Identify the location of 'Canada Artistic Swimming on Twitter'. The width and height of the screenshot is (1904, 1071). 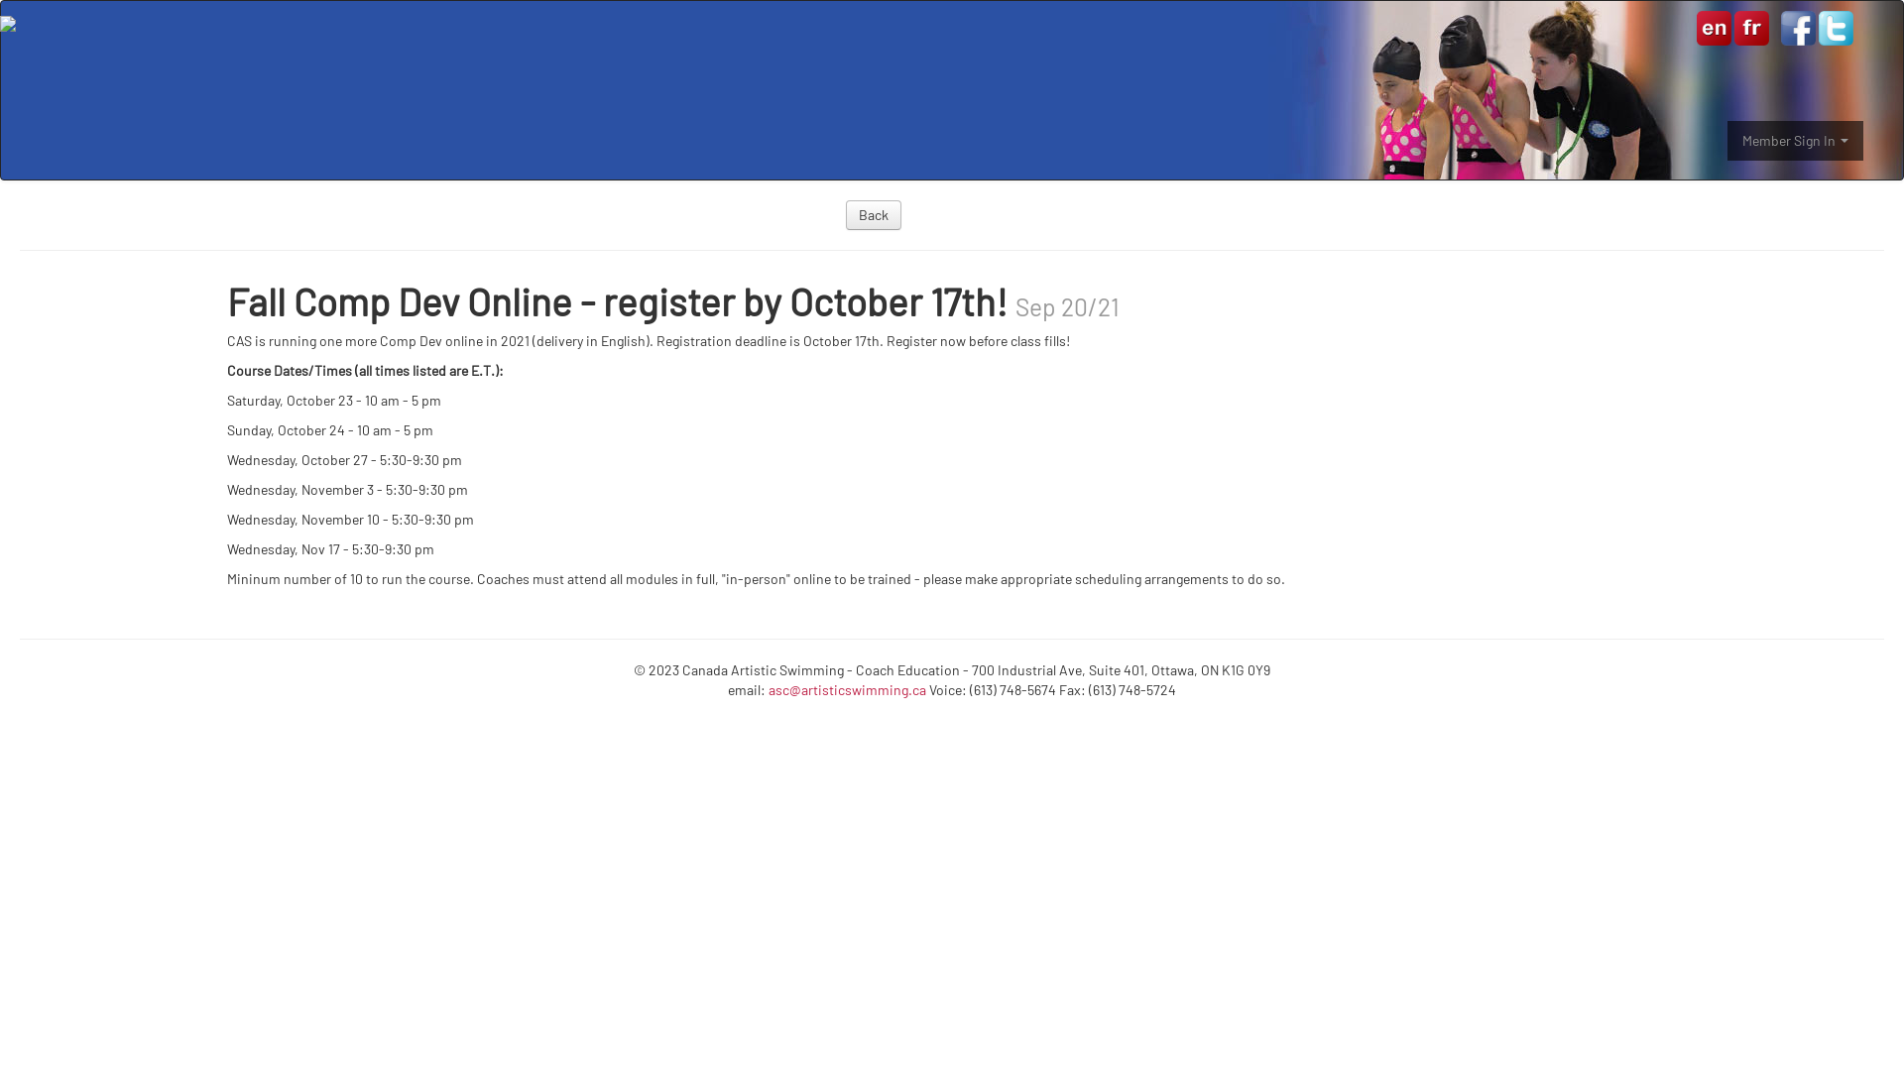
(1835, 28).